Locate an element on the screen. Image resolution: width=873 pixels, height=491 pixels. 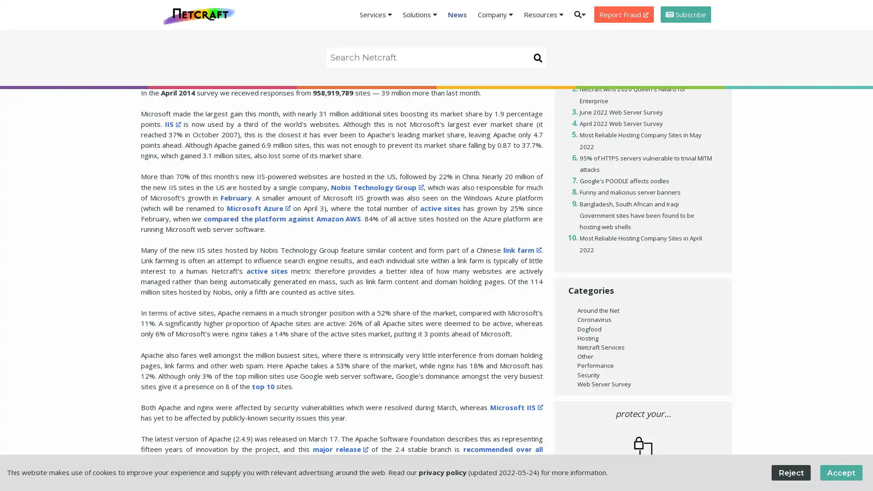
Accept is located at coordinates (840, 472).